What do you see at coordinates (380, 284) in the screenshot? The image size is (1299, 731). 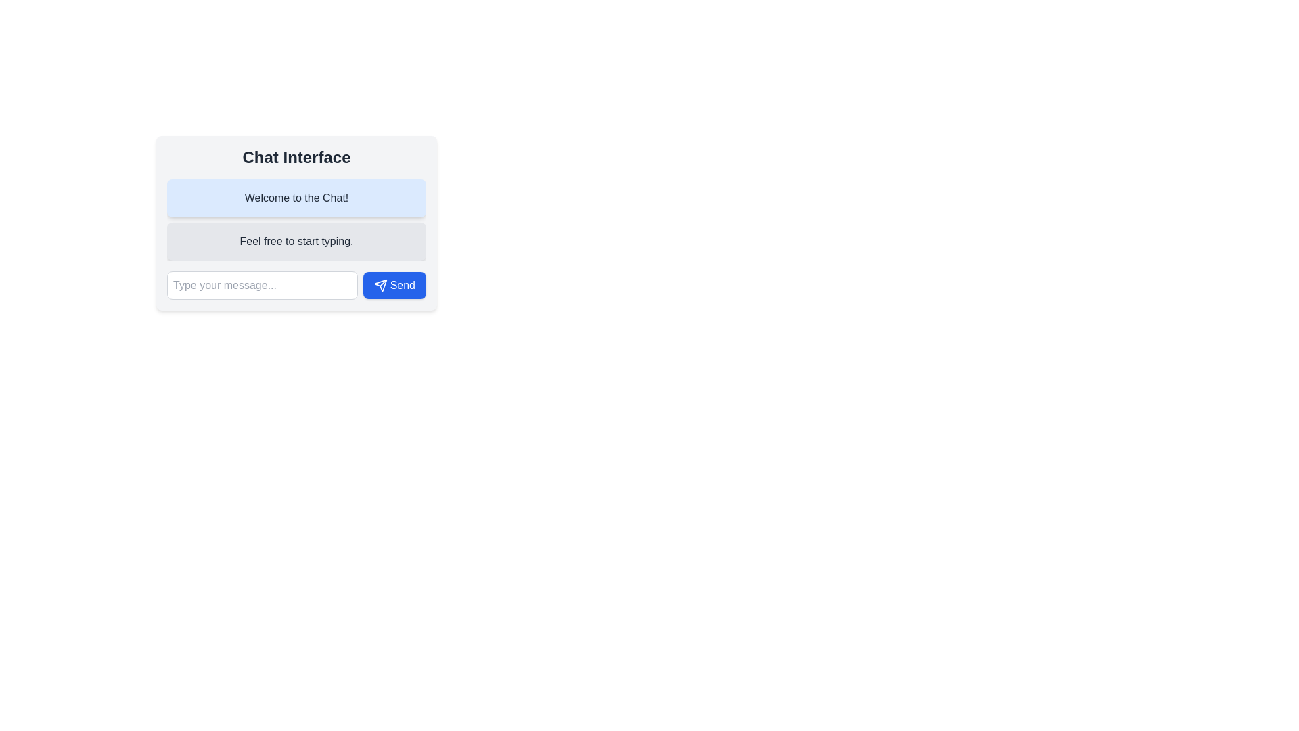 I see `the 'Send' button icon located on the far right of the input field in the chat interface to send the message typed in the adjacent input box` at bounding box center [380, 284].